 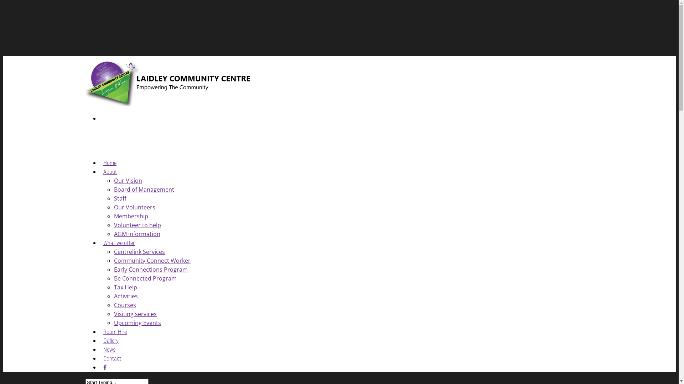 What do you see at coordinates (137, 234) in the screenshot?
I see `'AGM information'` at bounding box center [137, 234].